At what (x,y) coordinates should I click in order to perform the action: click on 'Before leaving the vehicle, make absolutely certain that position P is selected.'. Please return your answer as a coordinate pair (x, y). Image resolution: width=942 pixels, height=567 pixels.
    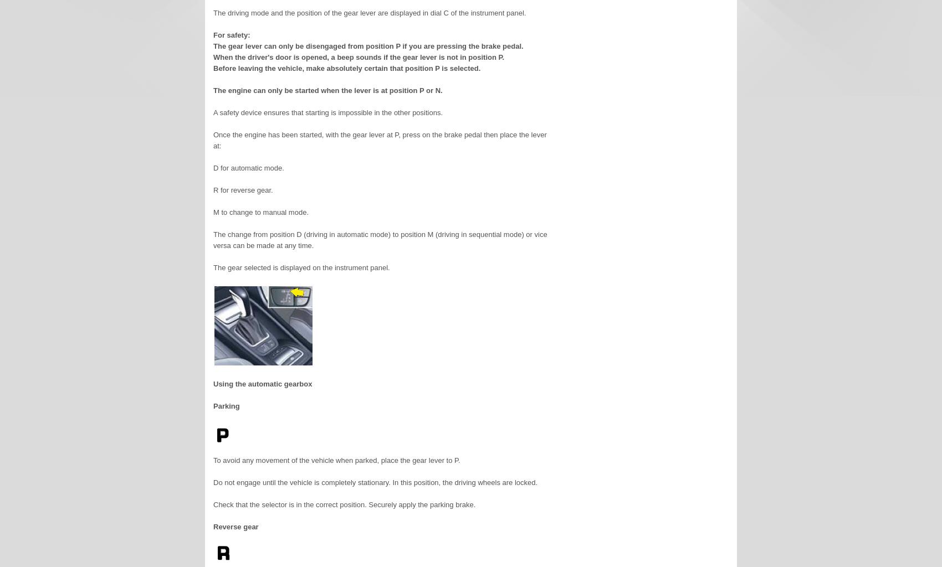
    Looking at the image, I should click on (346, 68).